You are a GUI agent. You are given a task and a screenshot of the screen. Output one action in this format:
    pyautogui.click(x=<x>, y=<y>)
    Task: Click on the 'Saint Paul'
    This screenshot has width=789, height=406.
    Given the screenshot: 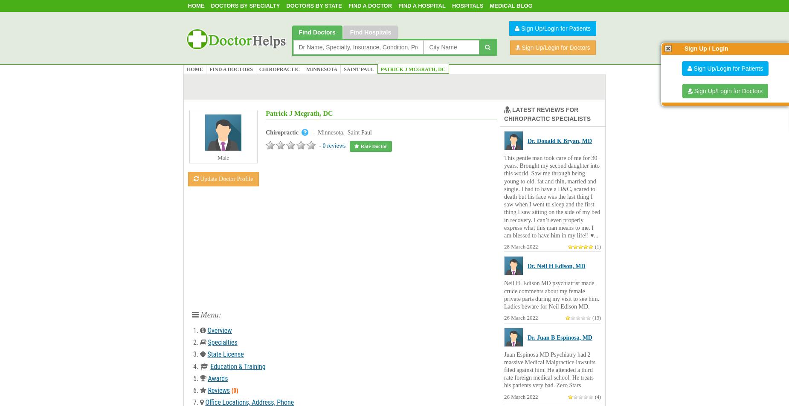 What is the action you would take?
    pyautogui.click(x=359, y=132)
    